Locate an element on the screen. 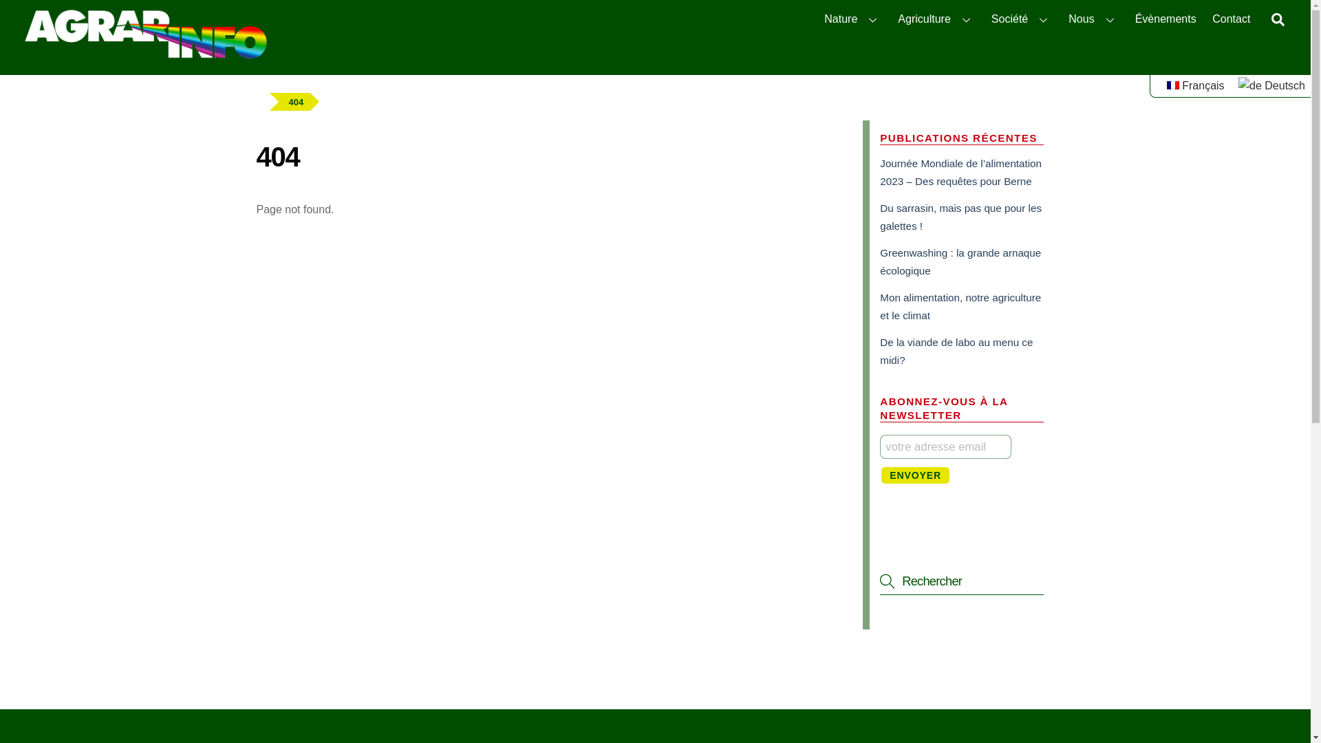  'Du sarrasin, mais pas que pour les galettes !' is located at coordinates (960, 217).